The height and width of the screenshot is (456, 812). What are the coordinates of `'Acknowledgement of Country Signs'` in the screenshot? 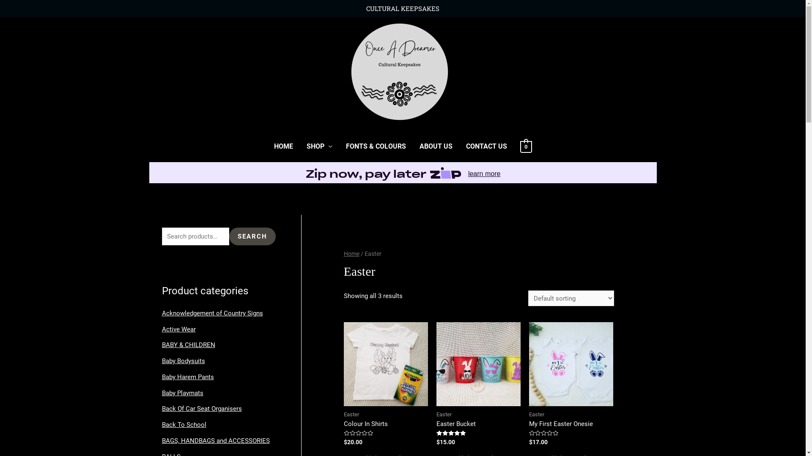 It's located at (212, 313).